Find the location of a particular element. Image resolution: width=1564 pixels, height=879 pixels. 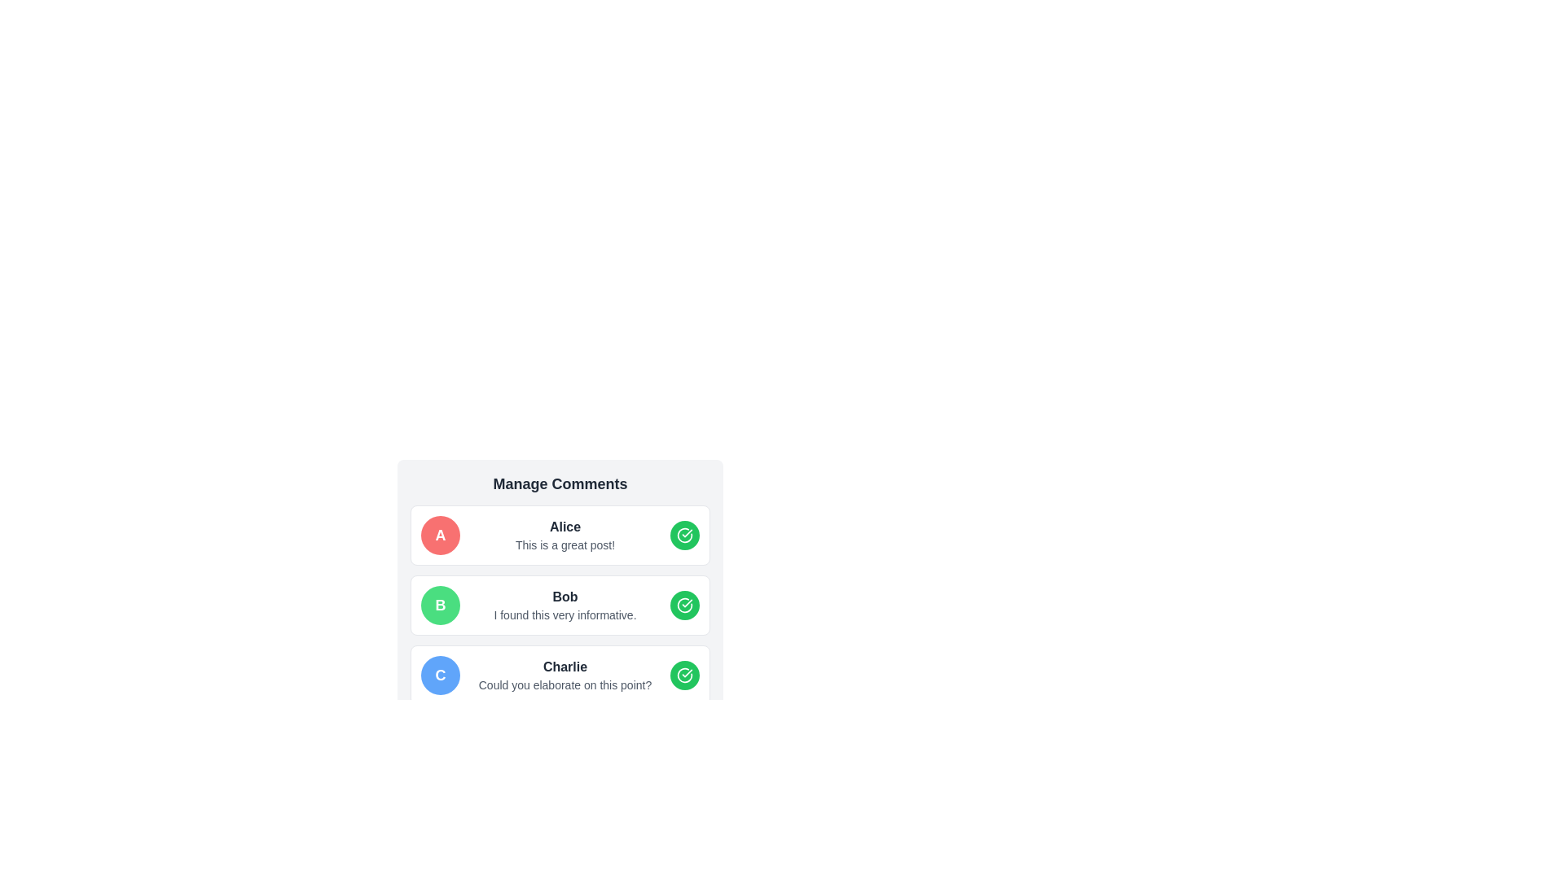

the static text element that displays the user's name 'Bob', located in the 'Manage Comments' section, positioned between comments from 'Alice' and 'Charlie' is located at coordinates (565, 597).